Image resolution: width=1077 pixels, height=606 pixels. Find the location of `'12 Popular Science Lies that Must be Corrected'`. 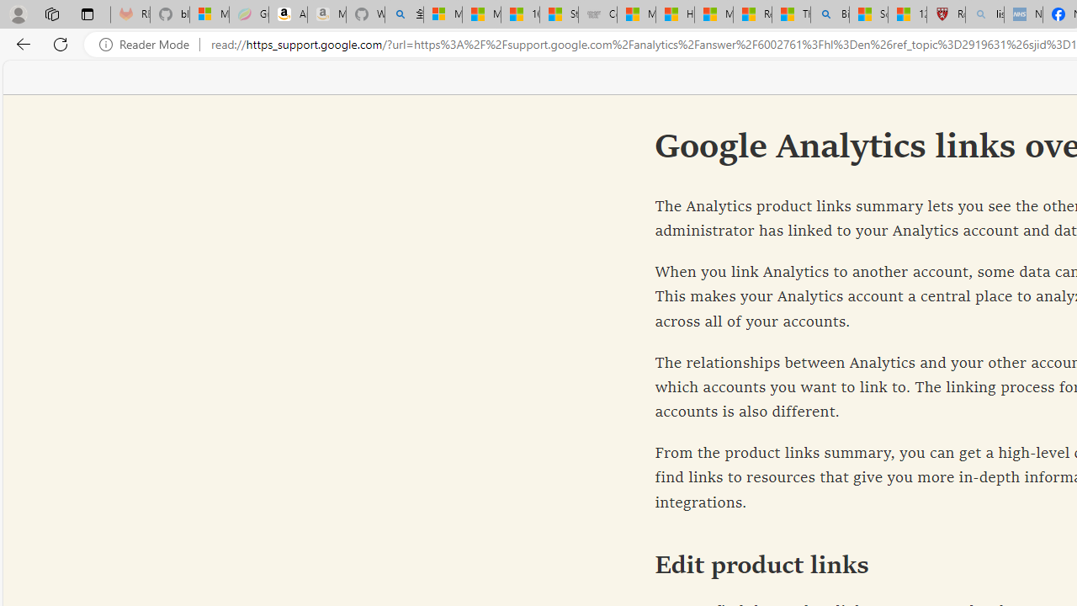

'12 Popular Science Lies that Must be Corrected' is located at coordinates (906, 14).